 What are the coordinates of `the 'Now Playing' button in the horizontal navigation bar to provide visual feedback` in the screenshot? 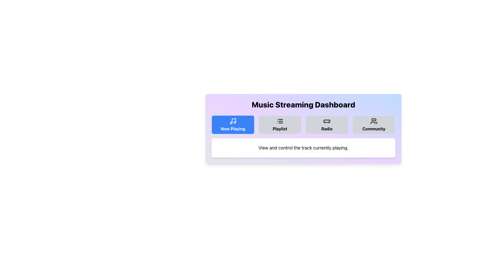 It's located at (232, 125).